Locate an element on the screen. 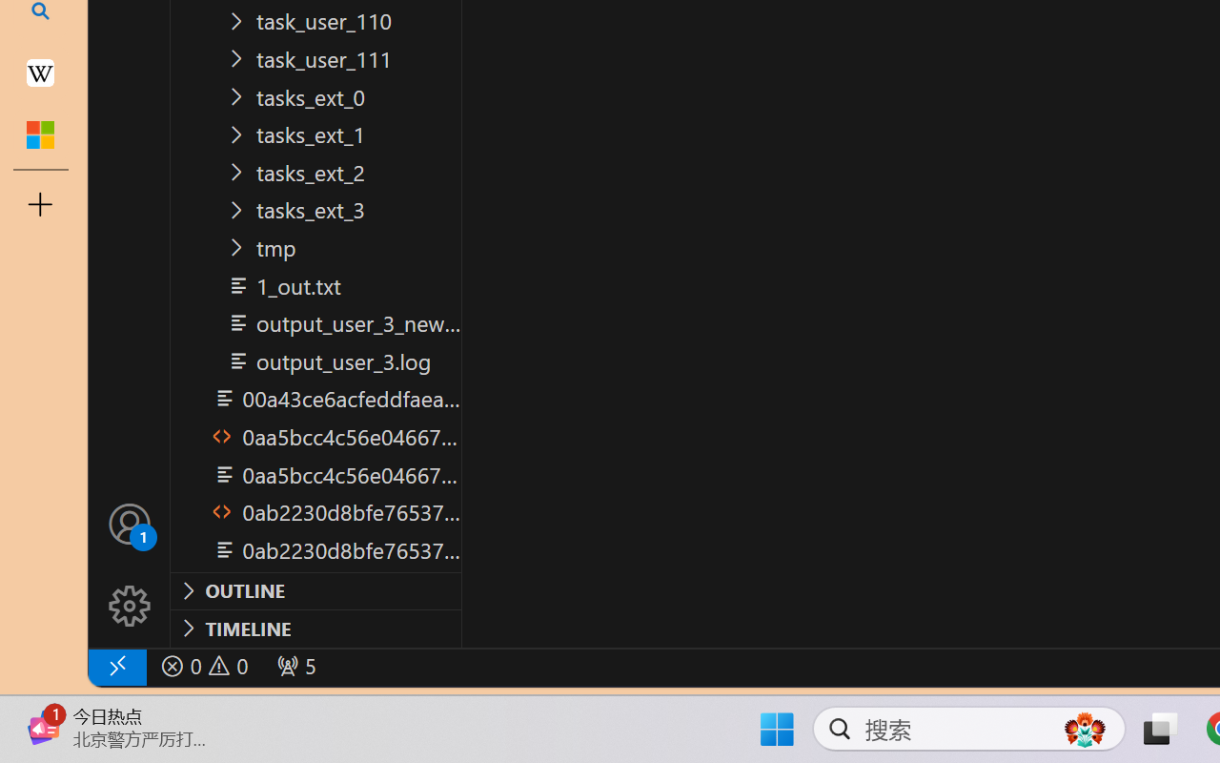 This screenshot has width=1220, height=763. 'No Problems' is located at coordinates (203, 666).